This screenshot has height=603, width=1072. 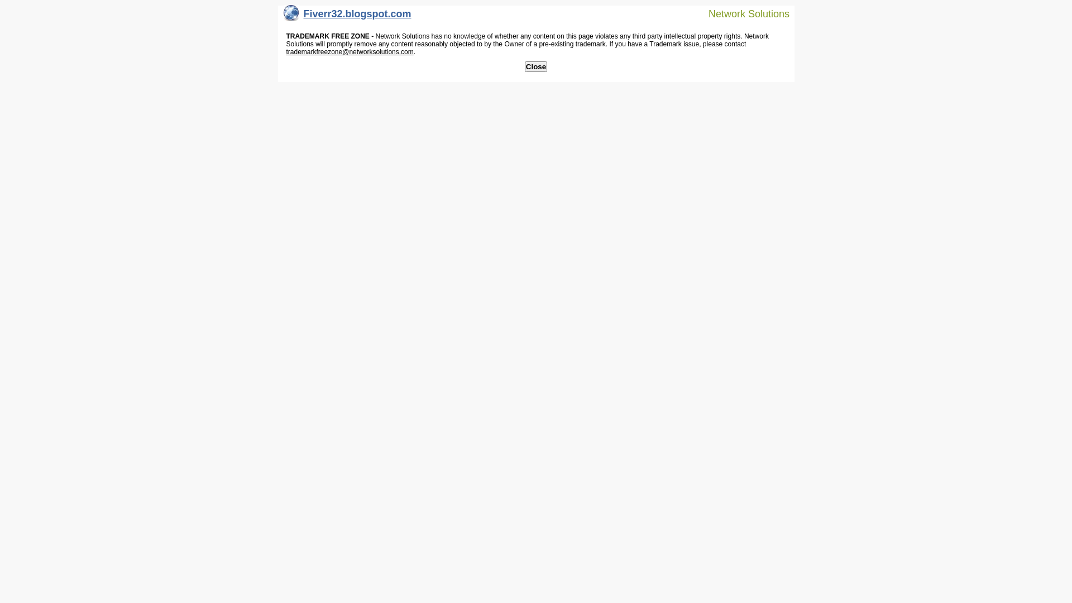 I want to click on 'Fiverr32.blogspot.com', so click(x=347, y=16).